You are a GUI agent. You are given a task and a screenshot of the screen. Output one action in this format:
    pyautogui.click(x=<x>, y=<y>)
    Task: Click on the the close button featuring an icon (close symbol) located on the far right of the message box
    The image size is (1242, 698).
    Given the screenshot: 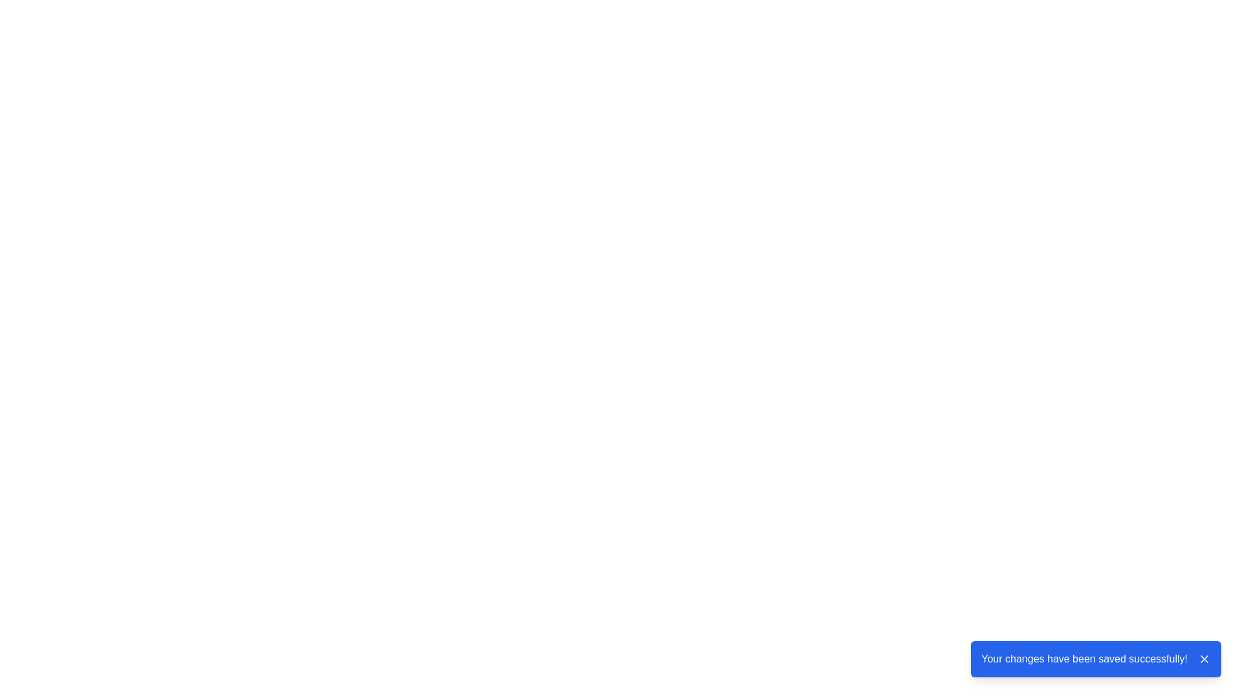 What is the action you would take?
    pyautogui.click(x=1204, y=659)
    